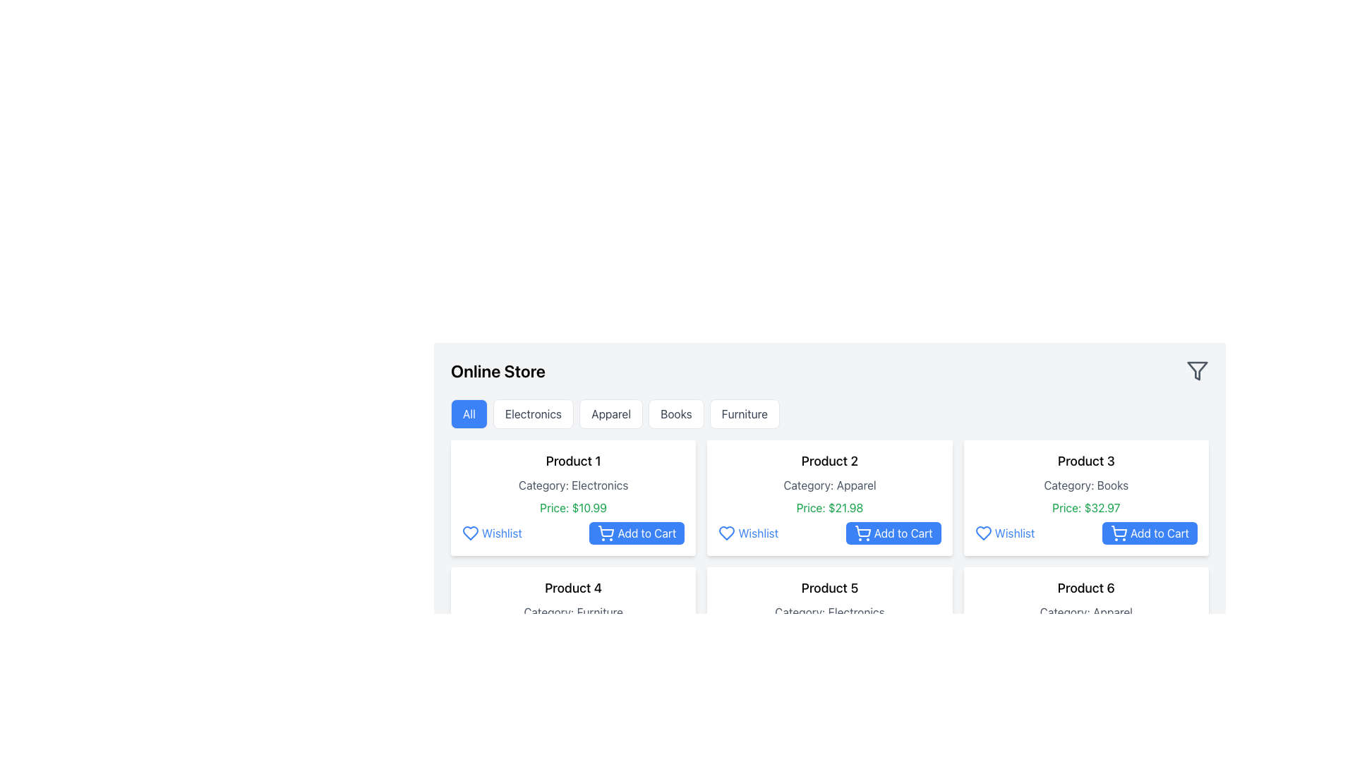 This screenshot has width=1355, height=762. Describe the element at coordinates (471, 533) in the screenshot. I see `the heart icon that indicates the option` at that location.